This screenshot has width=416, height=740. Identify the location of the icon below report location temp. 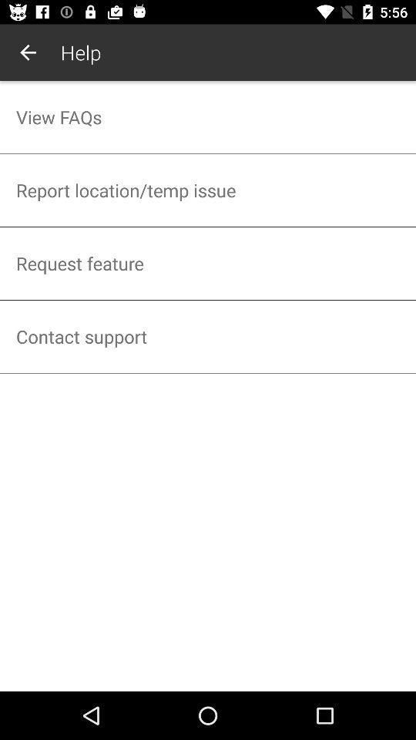
(208, 264).